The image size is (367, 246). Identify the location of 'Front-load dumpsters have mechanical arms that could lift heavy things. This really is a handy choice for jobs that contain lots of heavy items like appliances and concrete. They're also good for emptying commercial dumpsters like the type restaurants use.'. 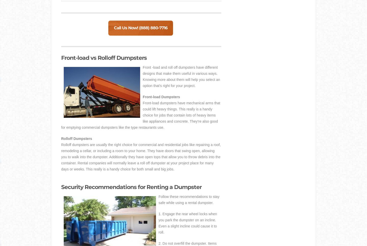
(140, 115).